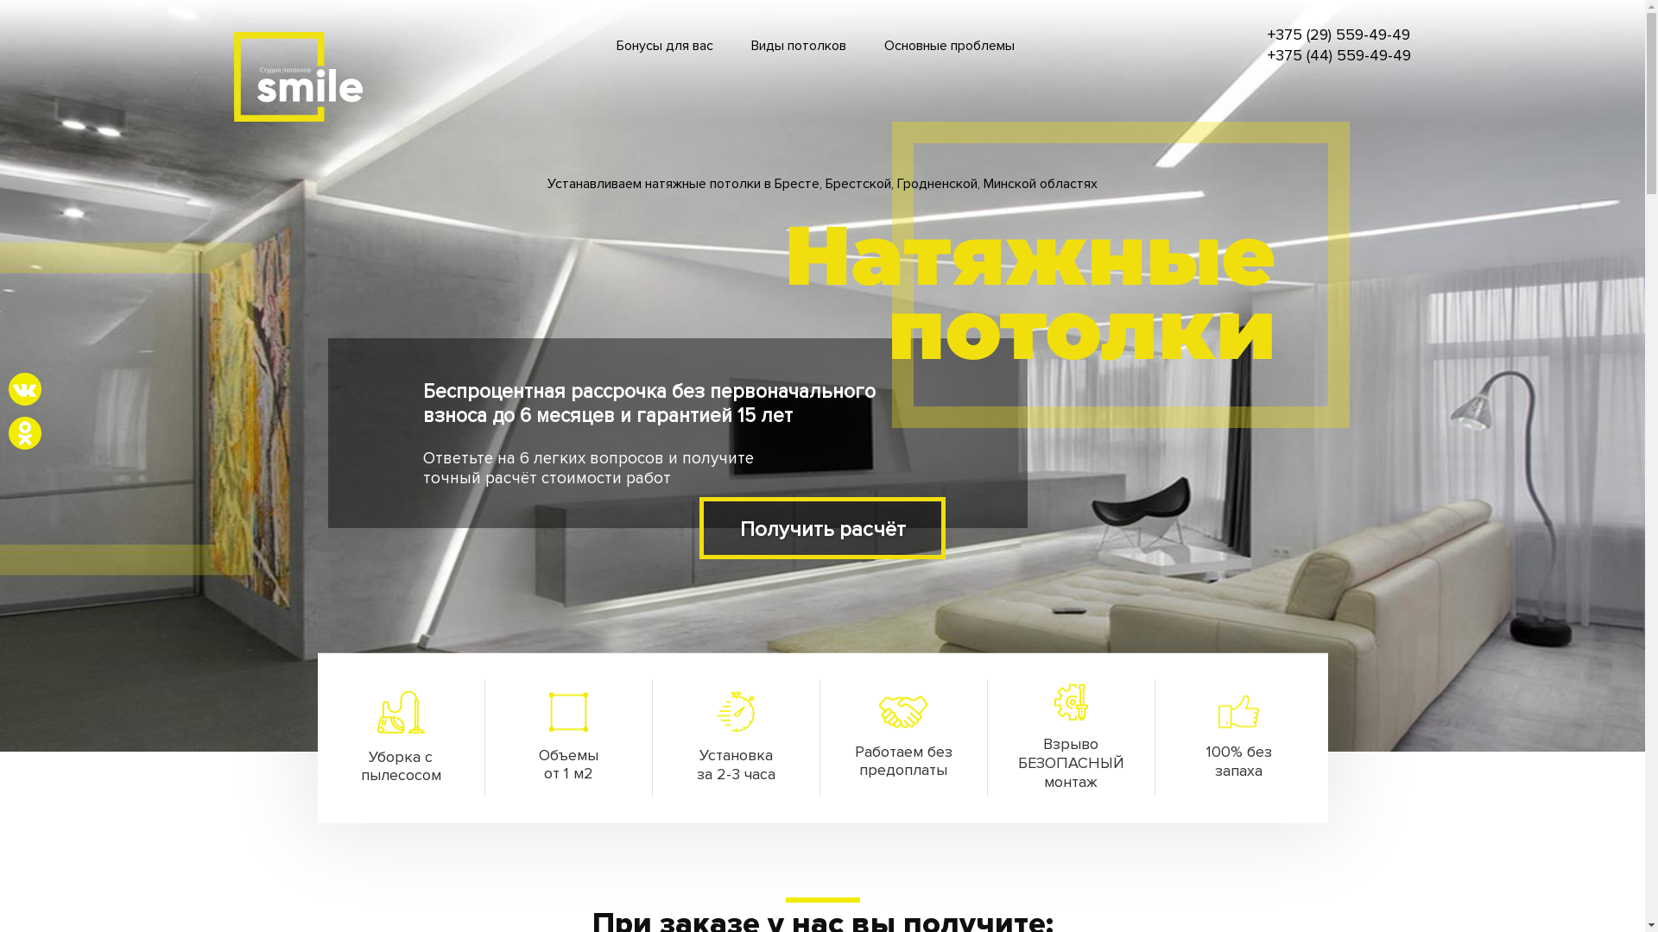  I want to click on '+375 (29) 559-49-49', so click(1338, 35).